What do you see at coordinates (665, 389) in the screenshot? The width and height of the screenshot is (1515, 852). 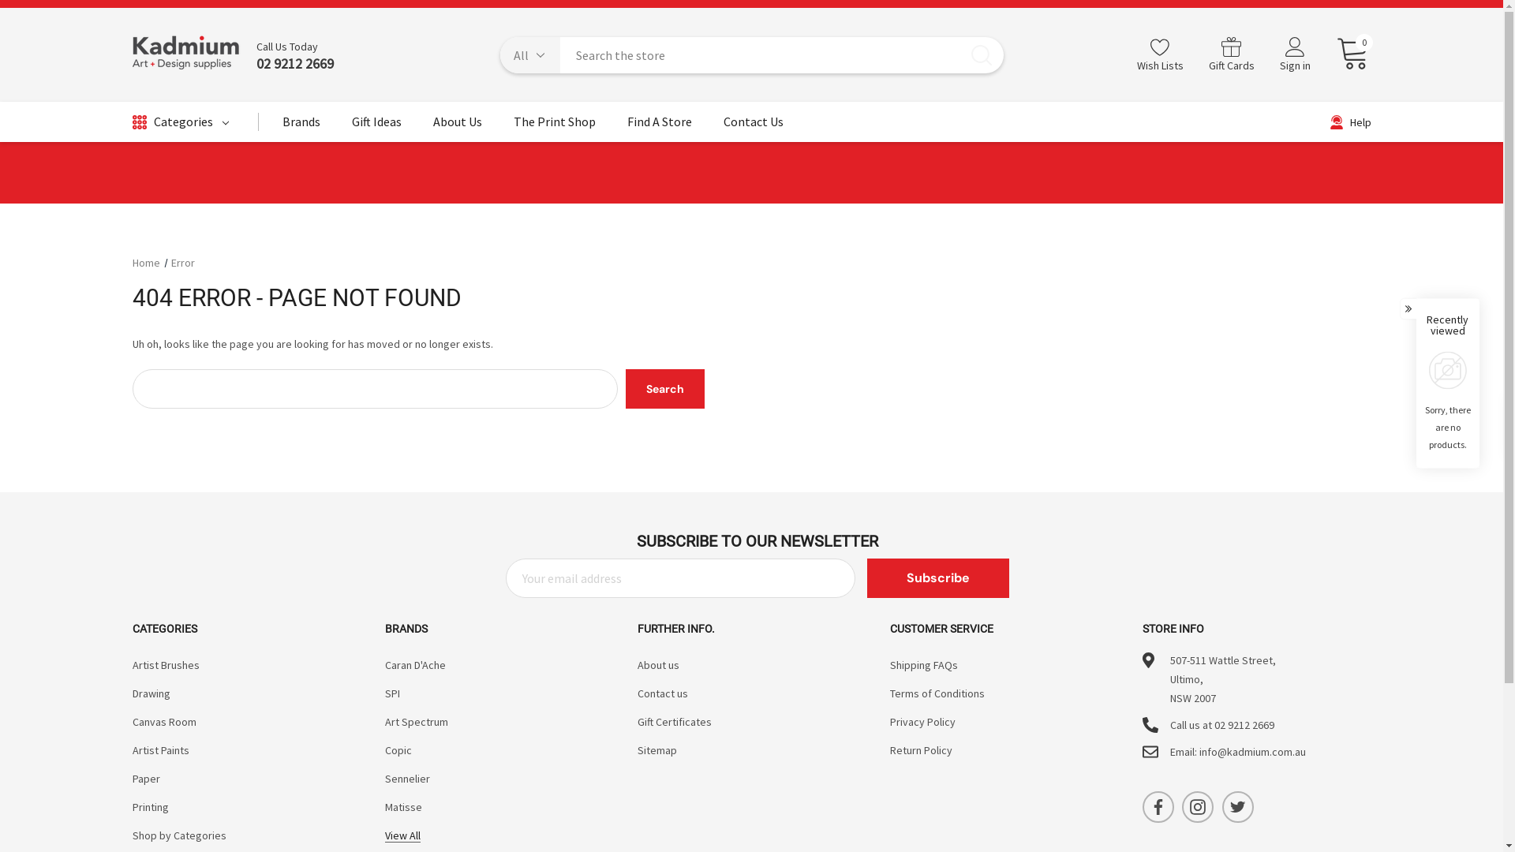 I see `'Search'` at bounding box center [665, 389].